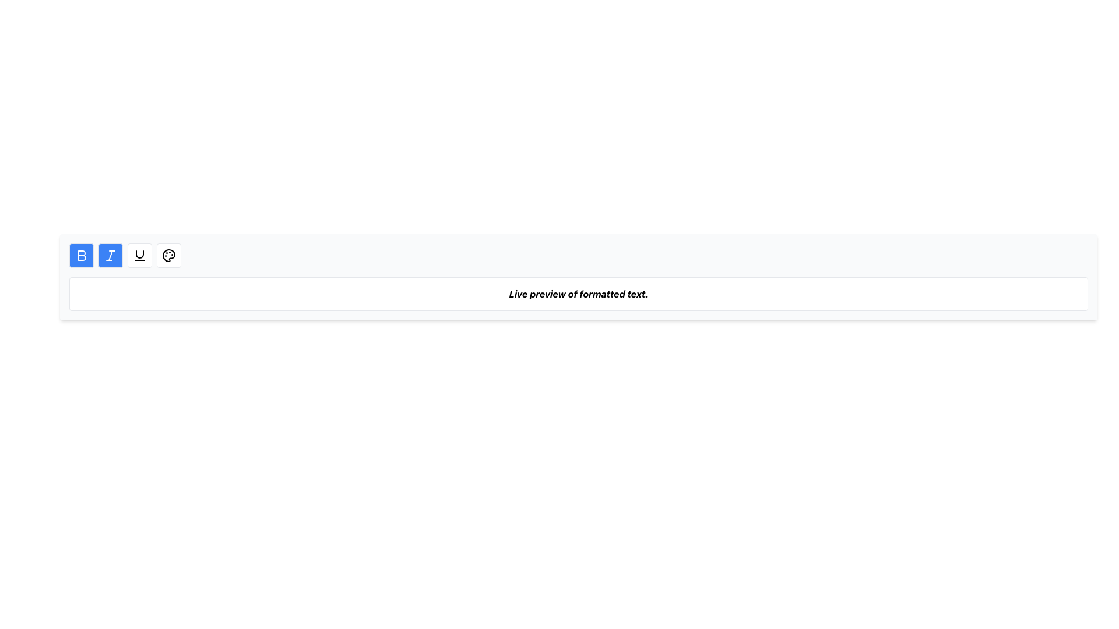 This screenshot has width=1119, height=629. I want to click on the formatting tool icon resembling an italic 'I' symbol with a blue background, so click(111, 255).